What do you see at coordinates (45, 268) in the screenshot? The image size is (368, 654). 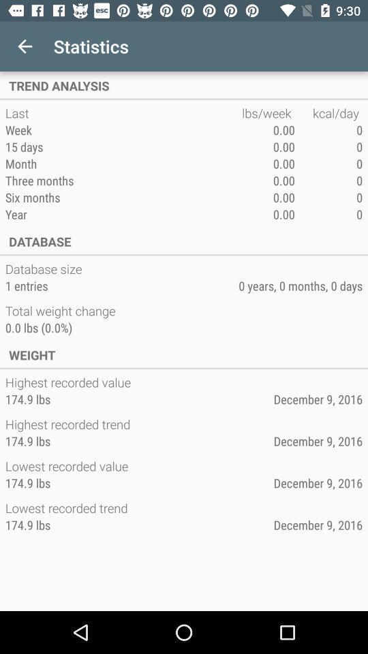 I see `the item above 1 entries item` at bounding box center [45, 268].